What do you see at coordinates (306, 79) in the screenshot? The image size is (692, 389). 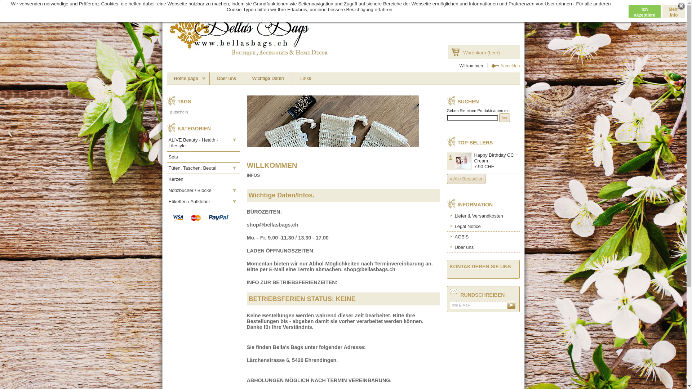 I see `'Links'` at bounding box center [306, 79].